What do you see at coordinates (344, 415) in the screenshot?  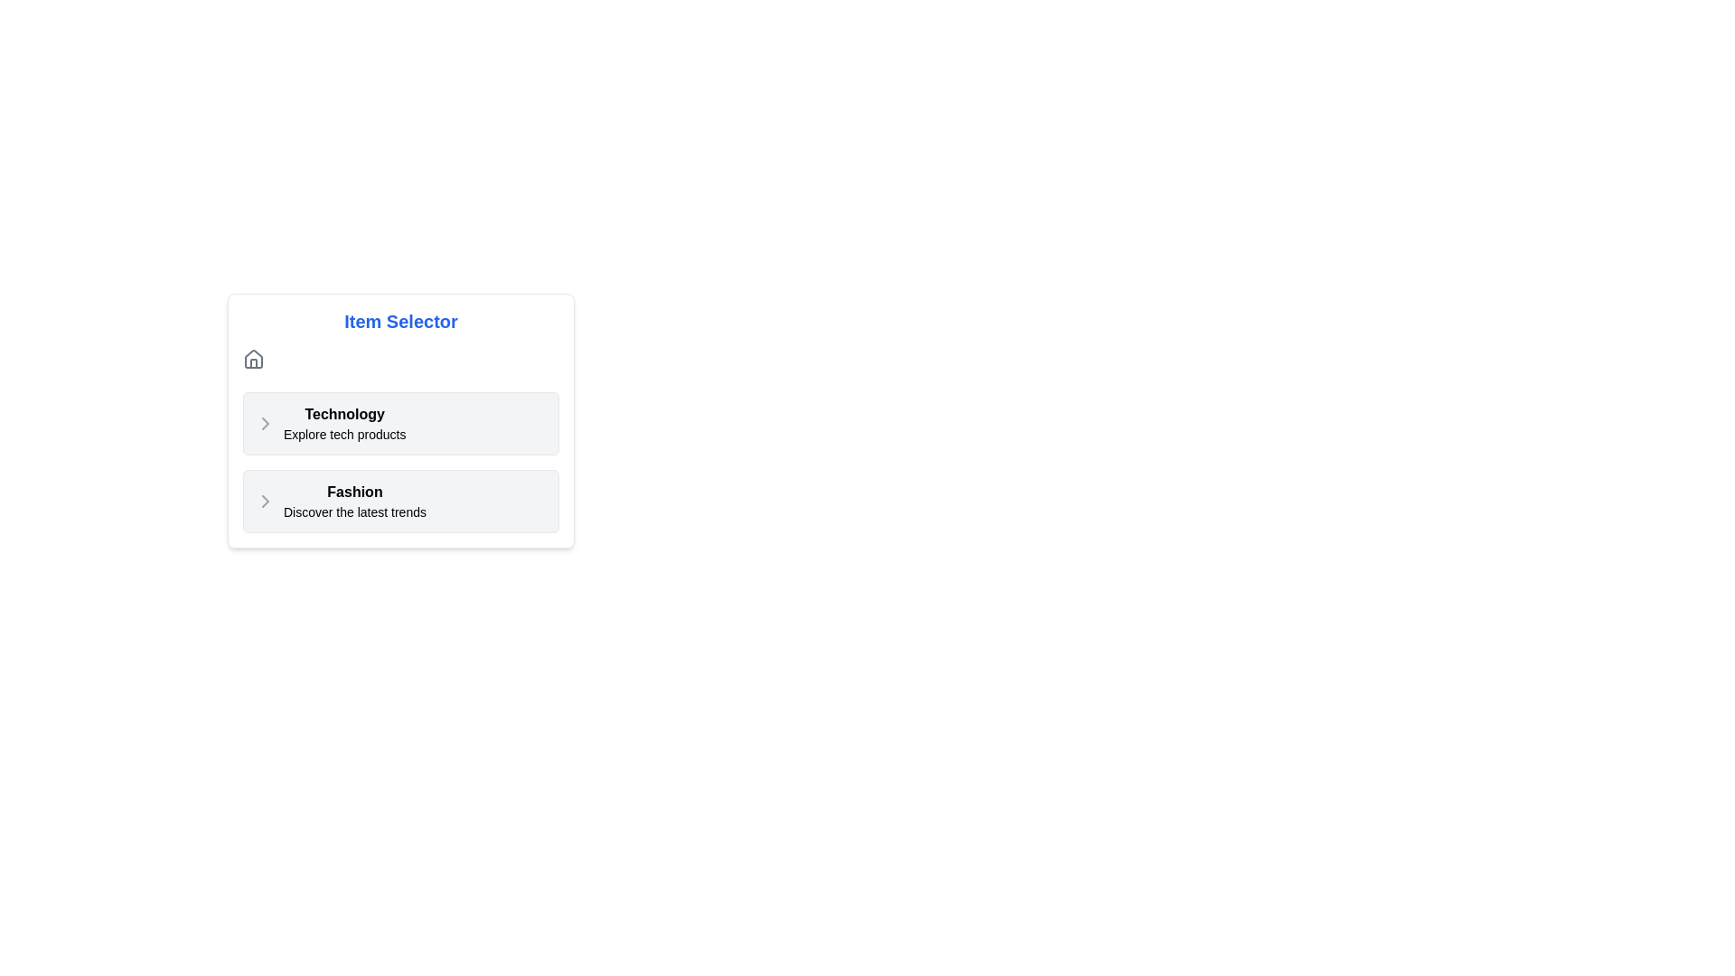 I see `bold text label 'Technology' that is styled with 'font-semibold', located at the top section of the item listing interface above the text 'Explore tech products'` at bounding box center [344, 415].